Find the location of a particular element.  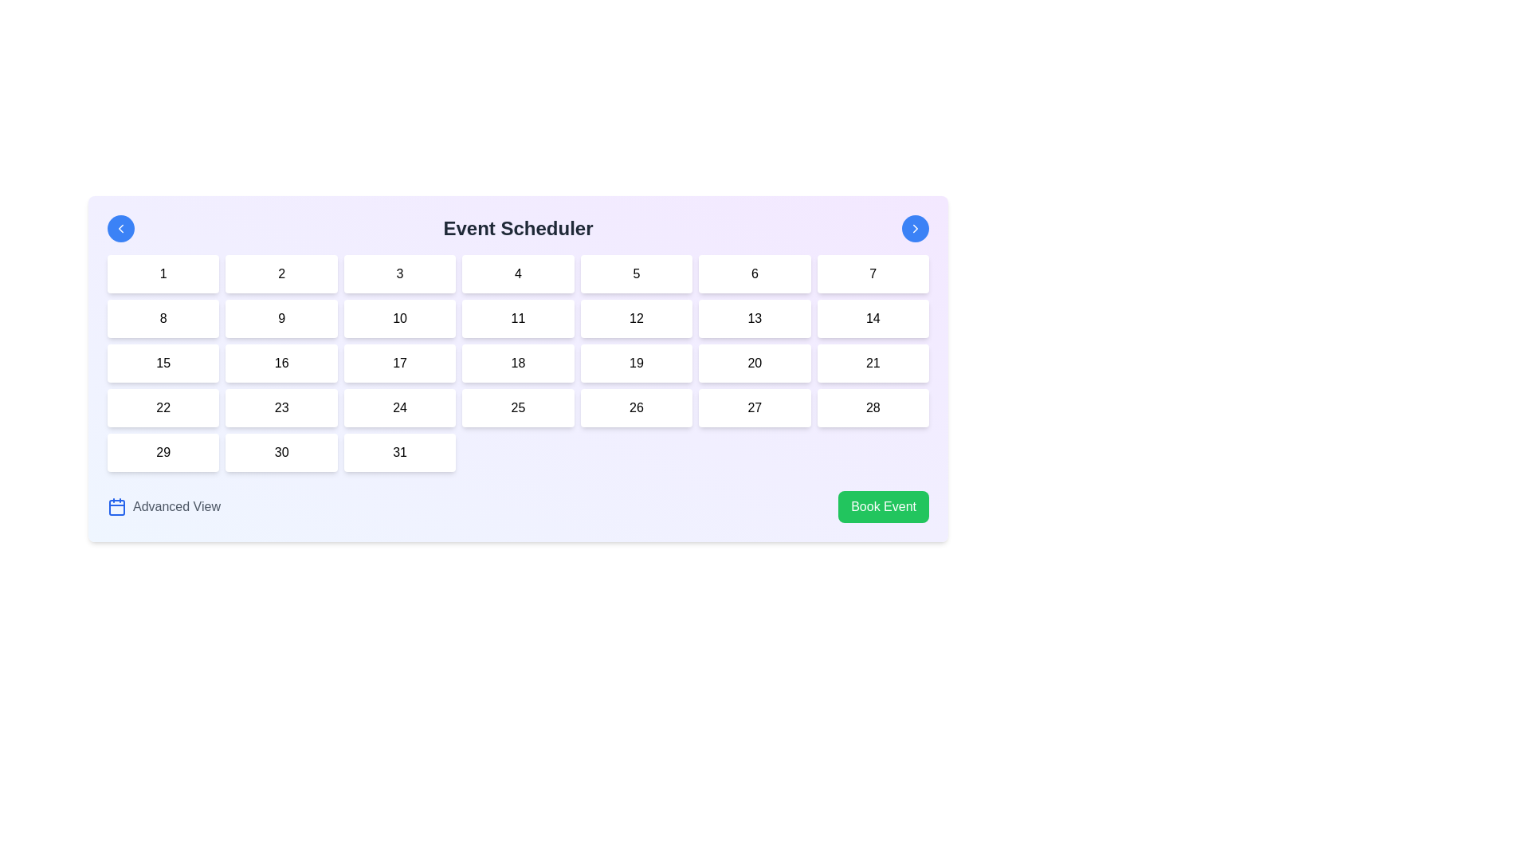

the rectangular button with a white background and black text '12' is located at coordinates (635, 319).